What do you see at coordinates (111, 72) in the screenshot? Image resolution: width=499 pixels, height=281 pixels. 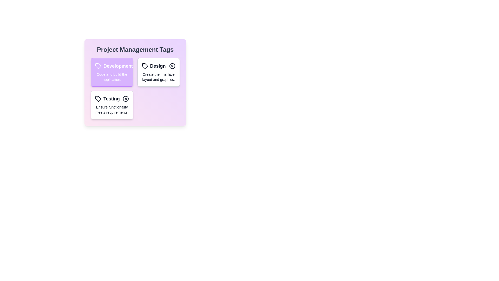 I see `the Development tag to toggle its active state` at bounding box center [111, 72].